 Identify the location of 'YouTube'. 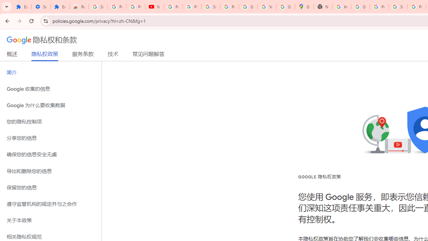
(154, 7).